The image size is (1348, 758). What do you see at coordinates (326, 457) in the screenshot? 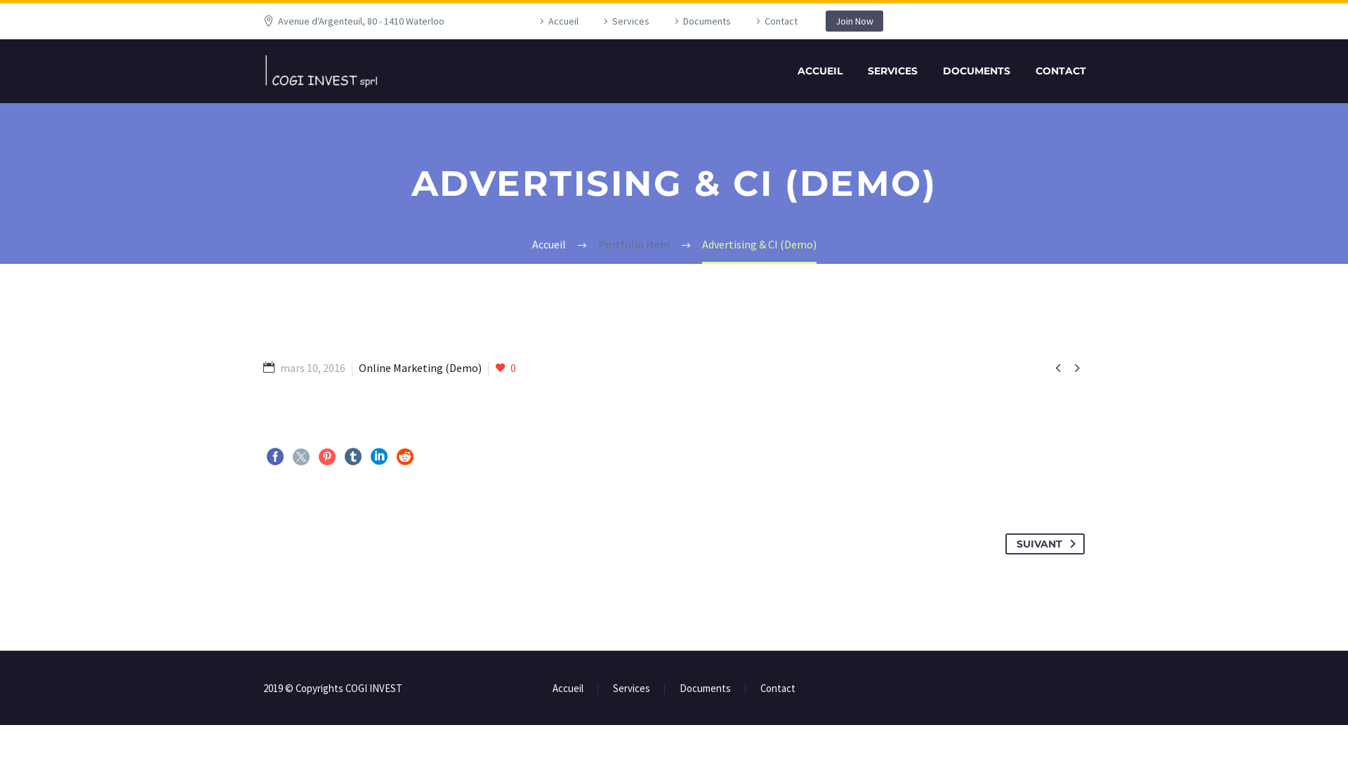
I see `'Pinterest'` at bounding box center [326, 457].